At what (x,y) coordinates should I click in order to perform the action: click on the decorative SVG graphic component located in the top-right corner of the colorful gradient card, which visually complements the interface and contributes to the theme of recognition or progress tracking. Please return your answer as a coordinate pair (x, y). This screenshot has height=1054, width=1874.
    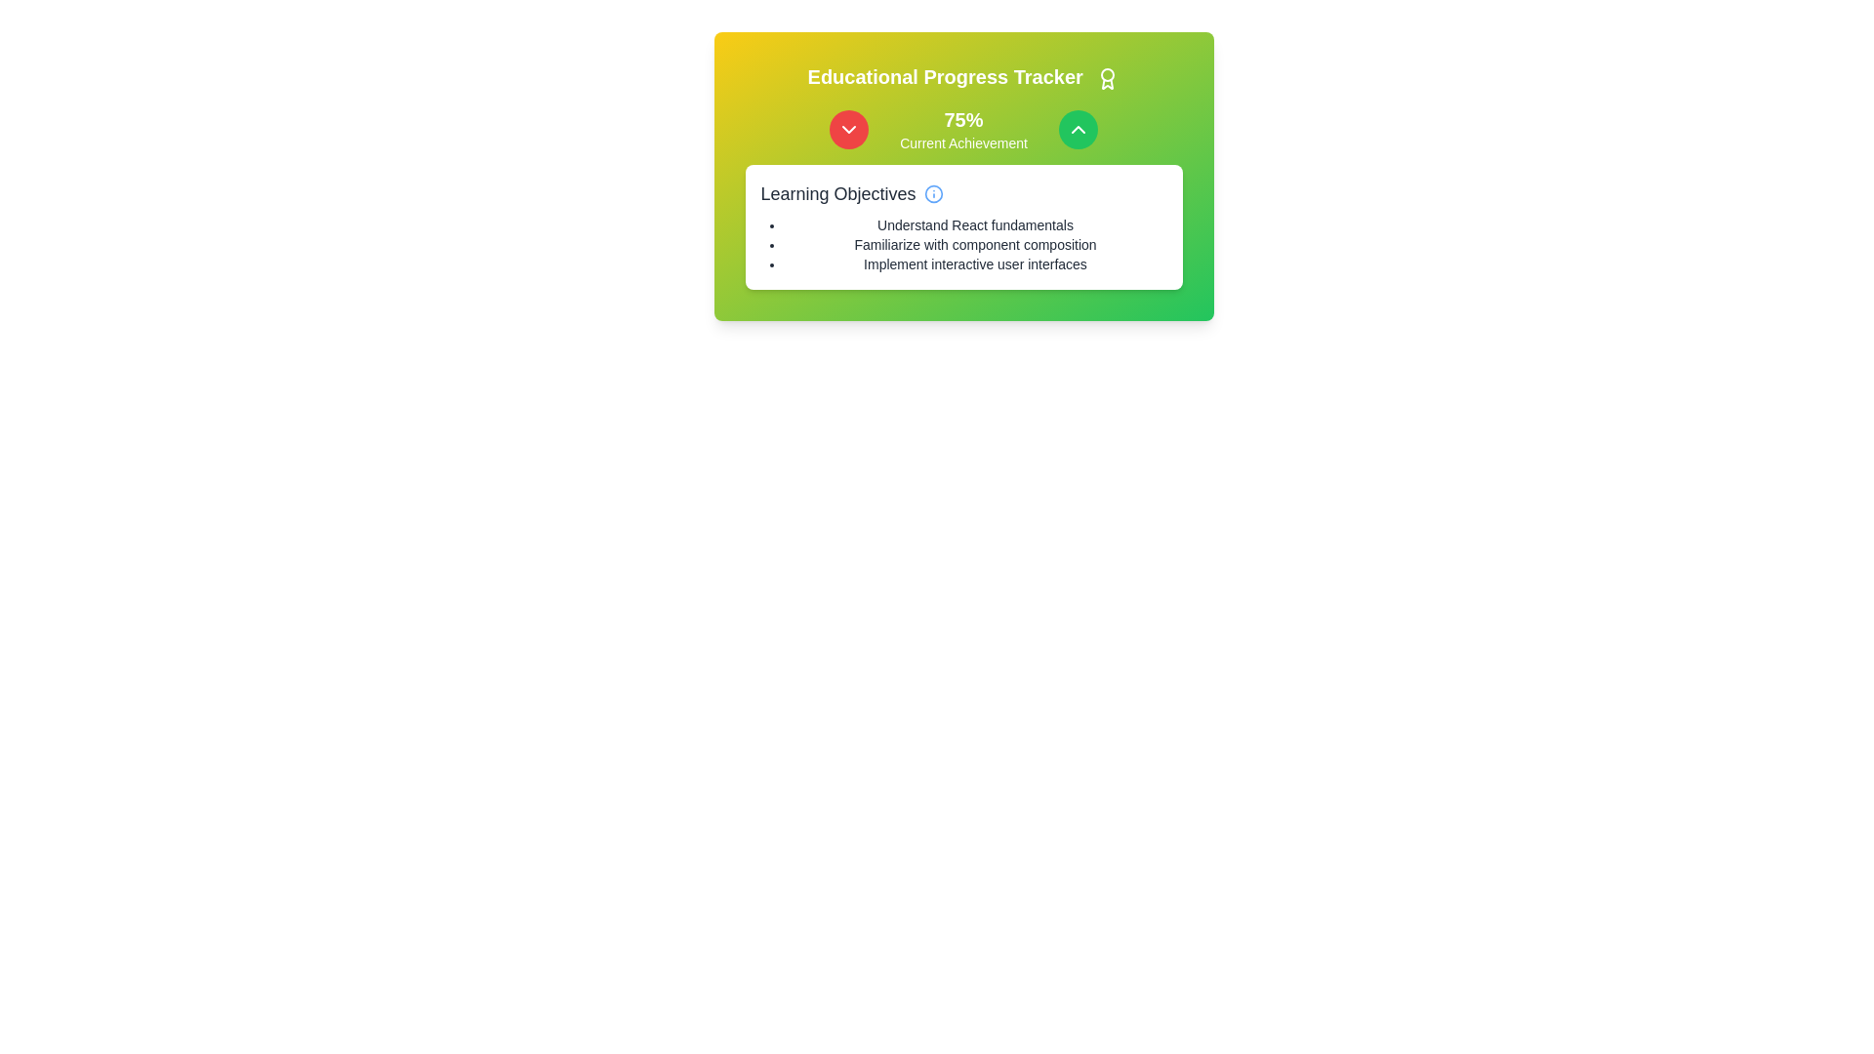
    Looking at the image, I should click on (1108, 83).